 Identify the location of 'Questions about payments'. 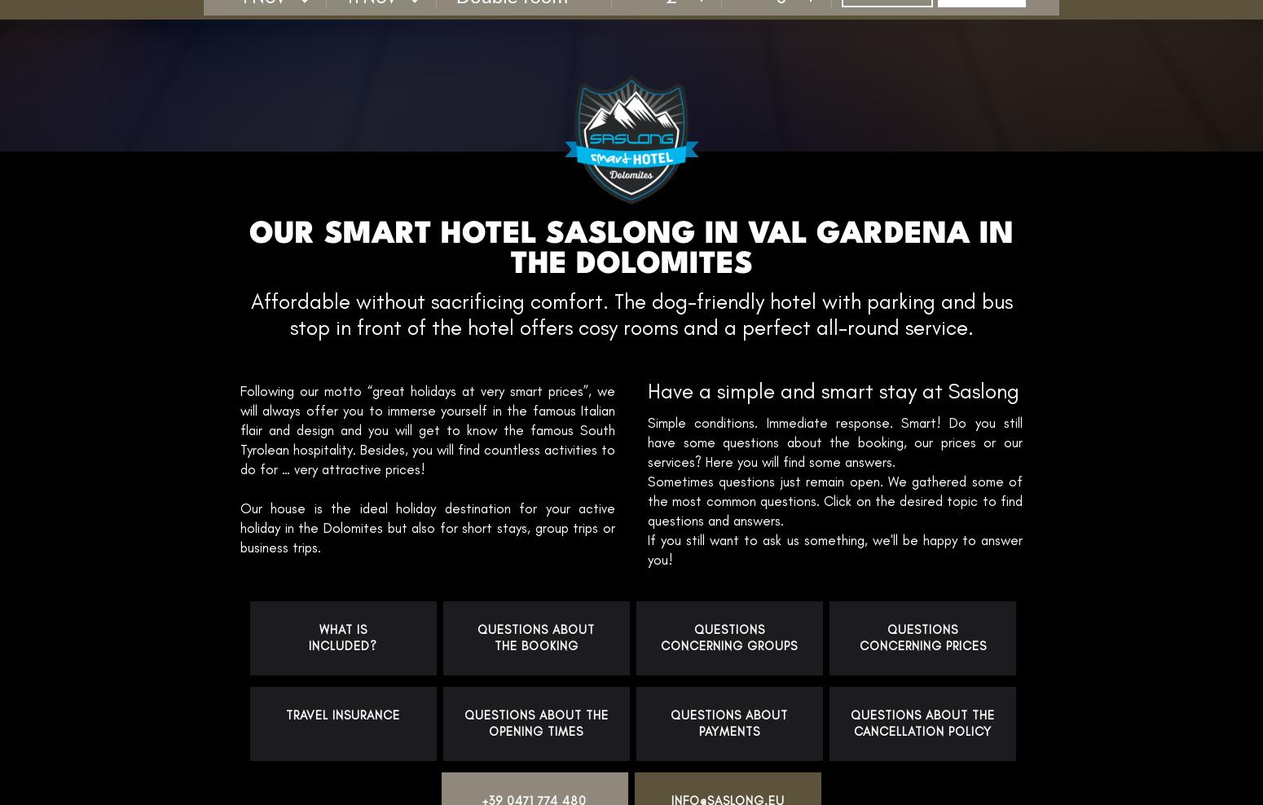
(728, 723).